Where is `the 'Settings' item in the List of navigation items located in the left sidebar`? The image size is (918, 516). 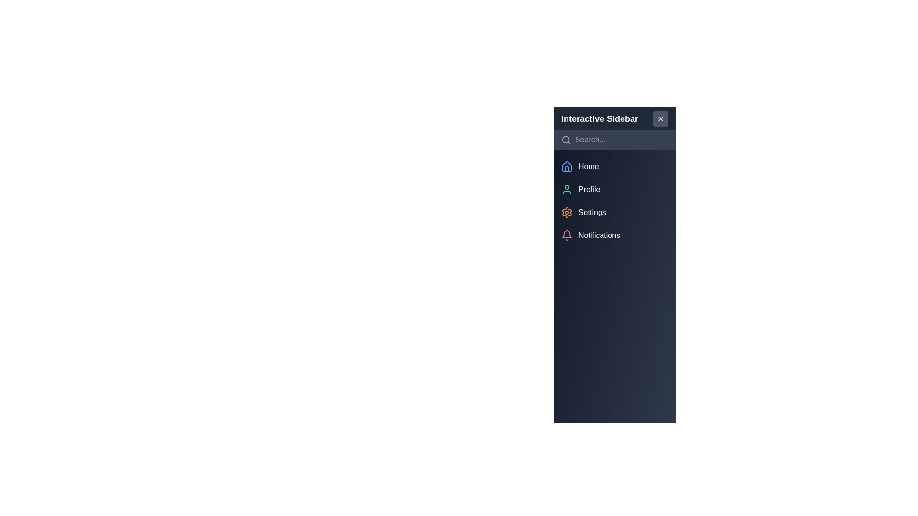
the 'Settings' item in the List of navigation items located in the left sidebar is located at coordinates (615, 200).